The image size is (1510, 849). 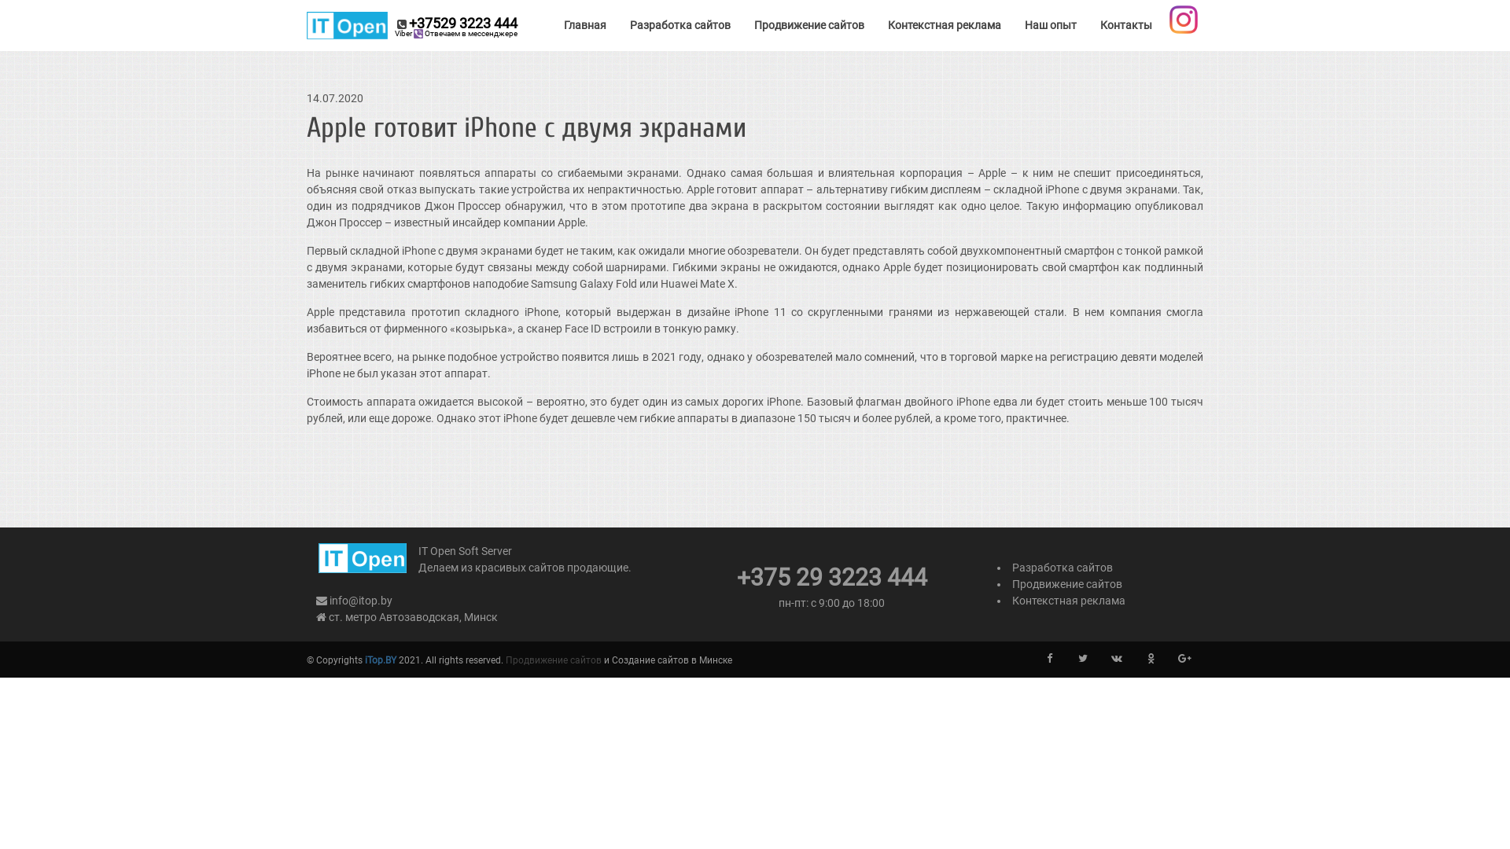 I want to click on '    +37529 3223 444', so click(x=306, y=25).